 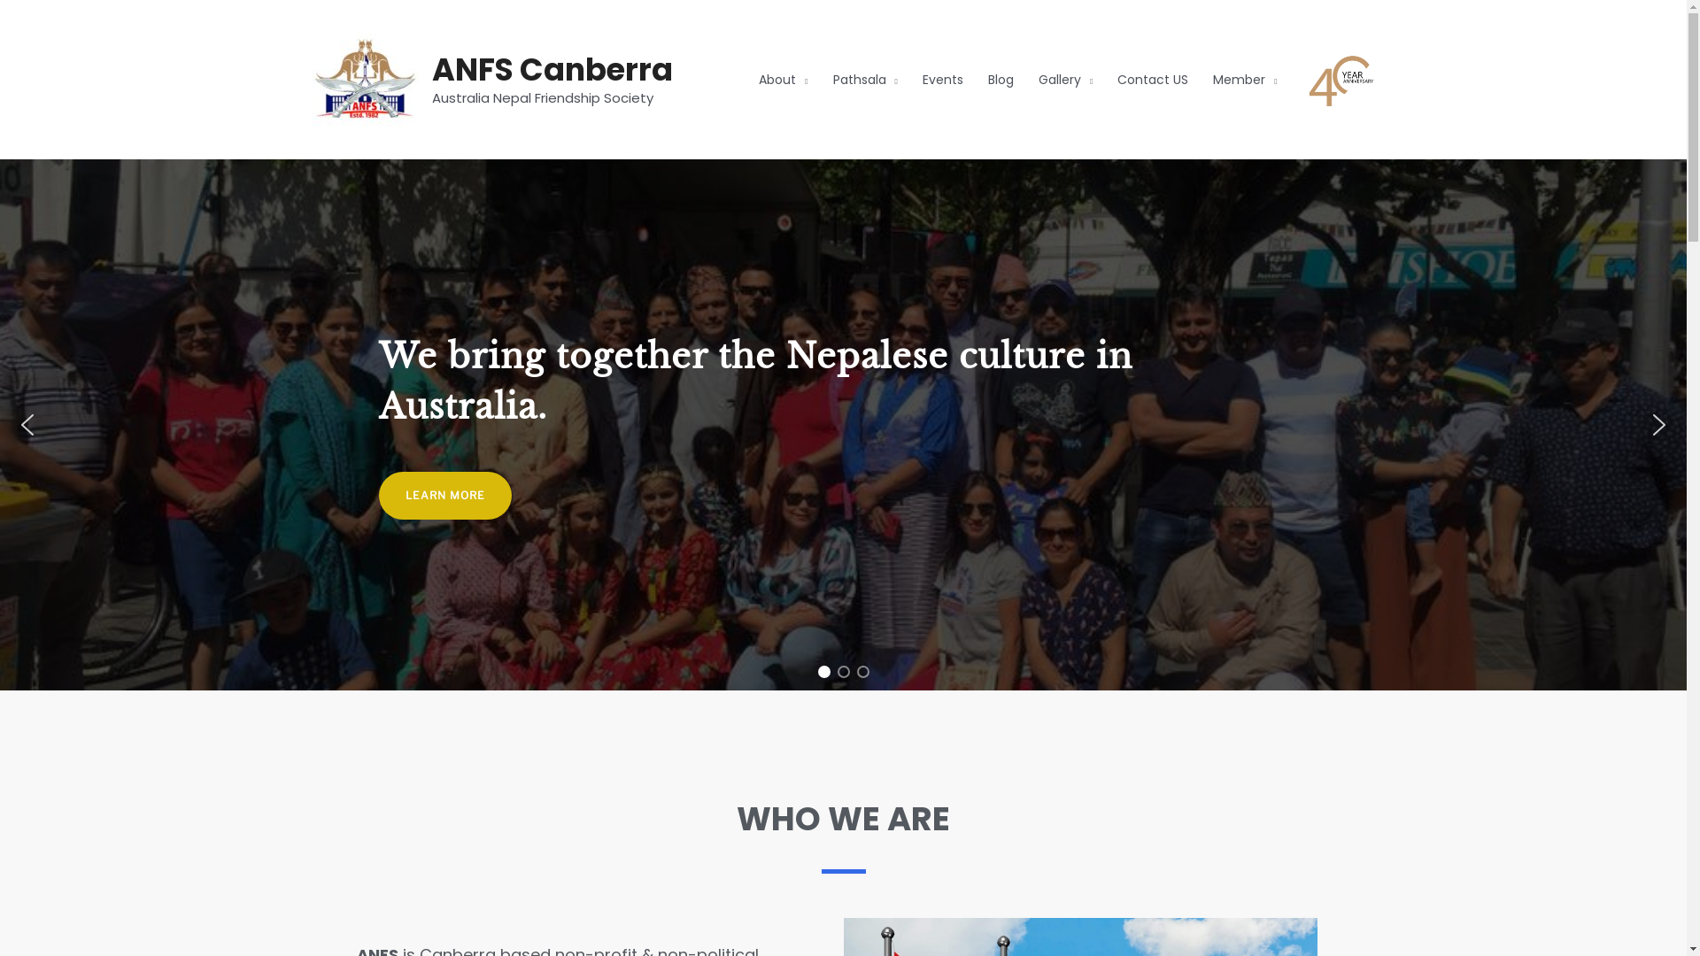 I want to click on 'Events', so click(x=942, y=78).